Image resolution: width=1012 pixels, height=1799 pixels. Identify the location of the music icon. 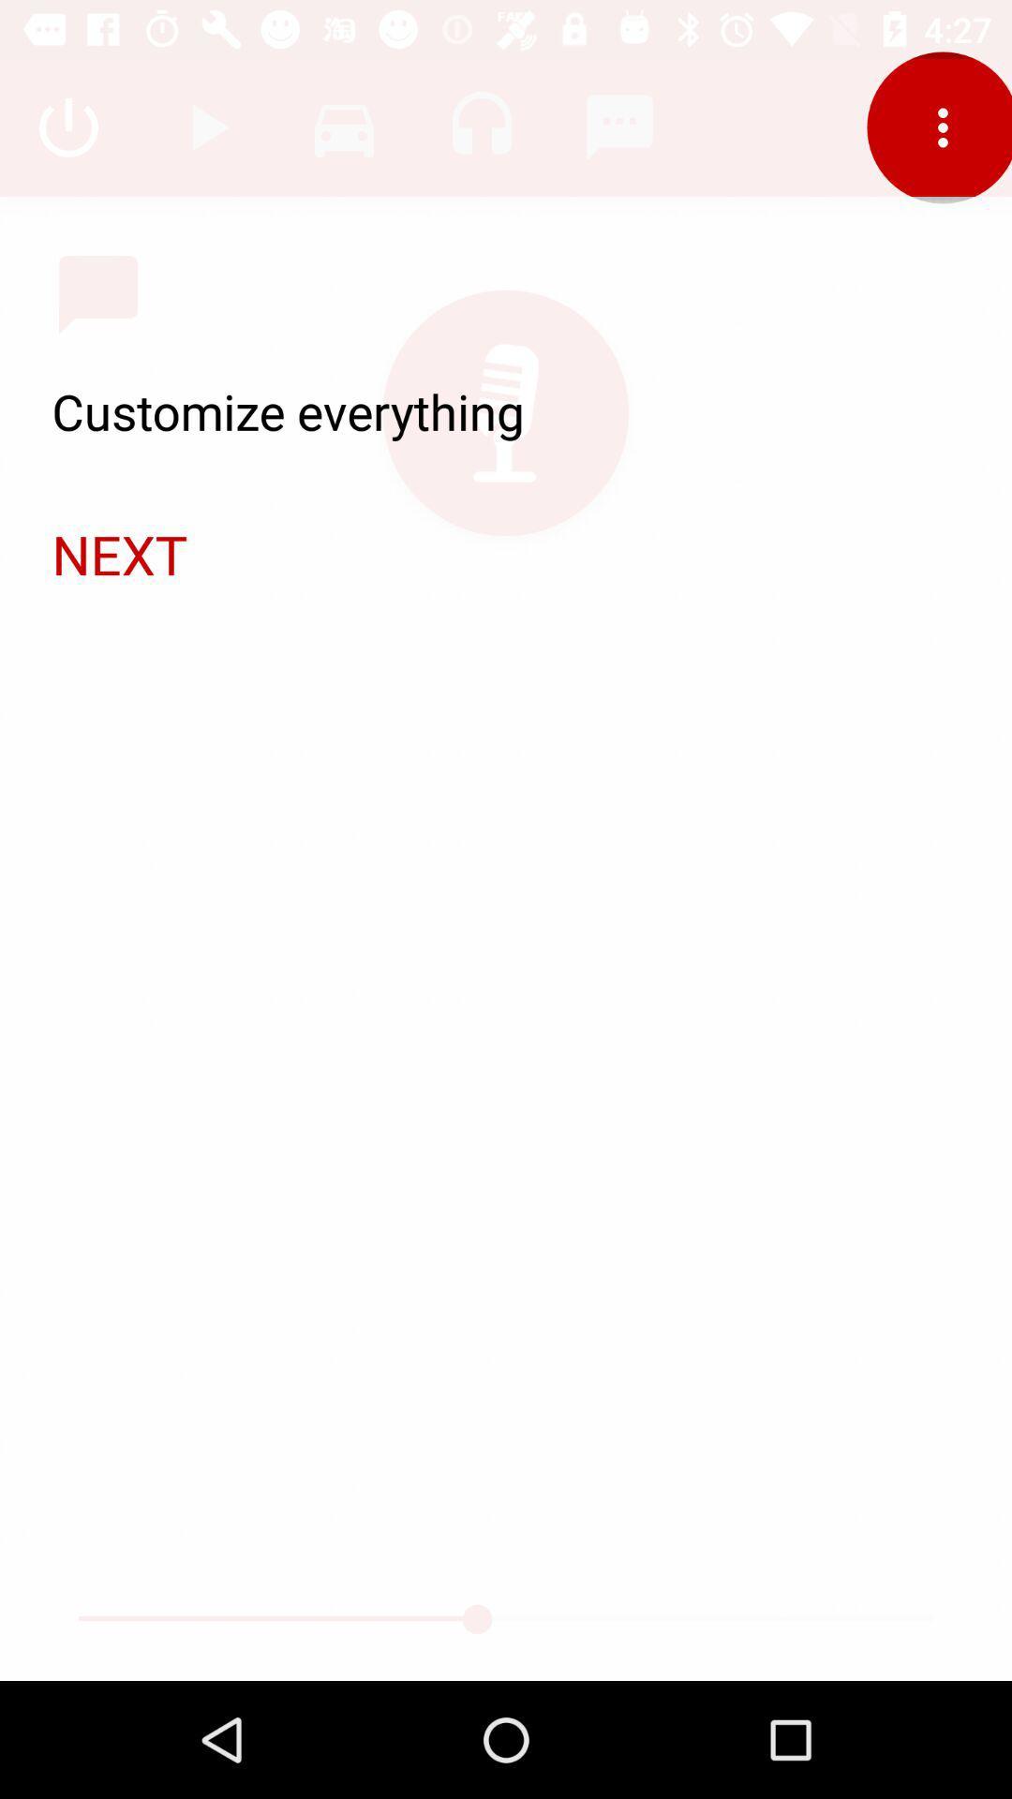
(619, 126).